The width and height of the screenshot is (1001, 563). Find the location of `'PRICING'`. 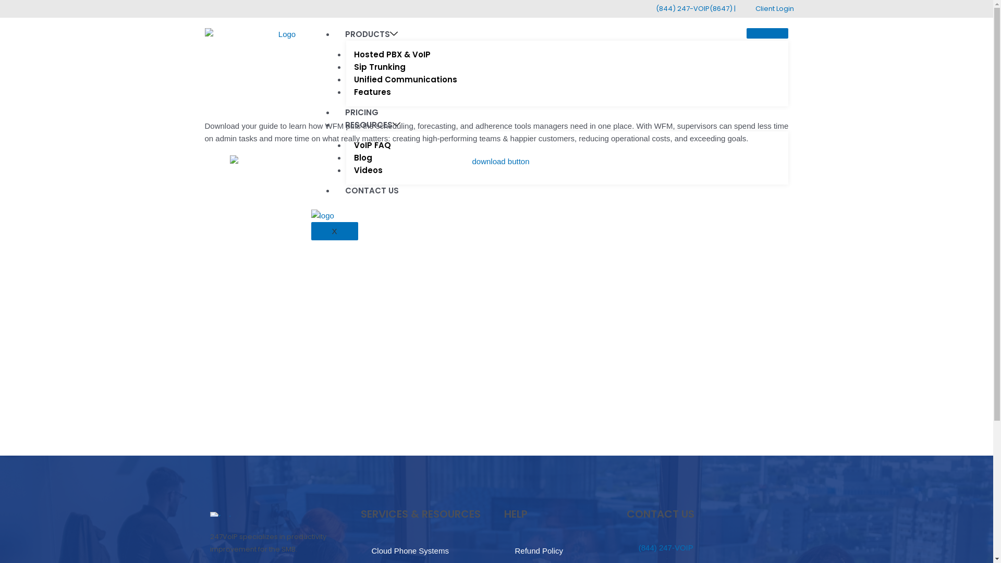

'PRICING' is located at coordinates (362, 112).